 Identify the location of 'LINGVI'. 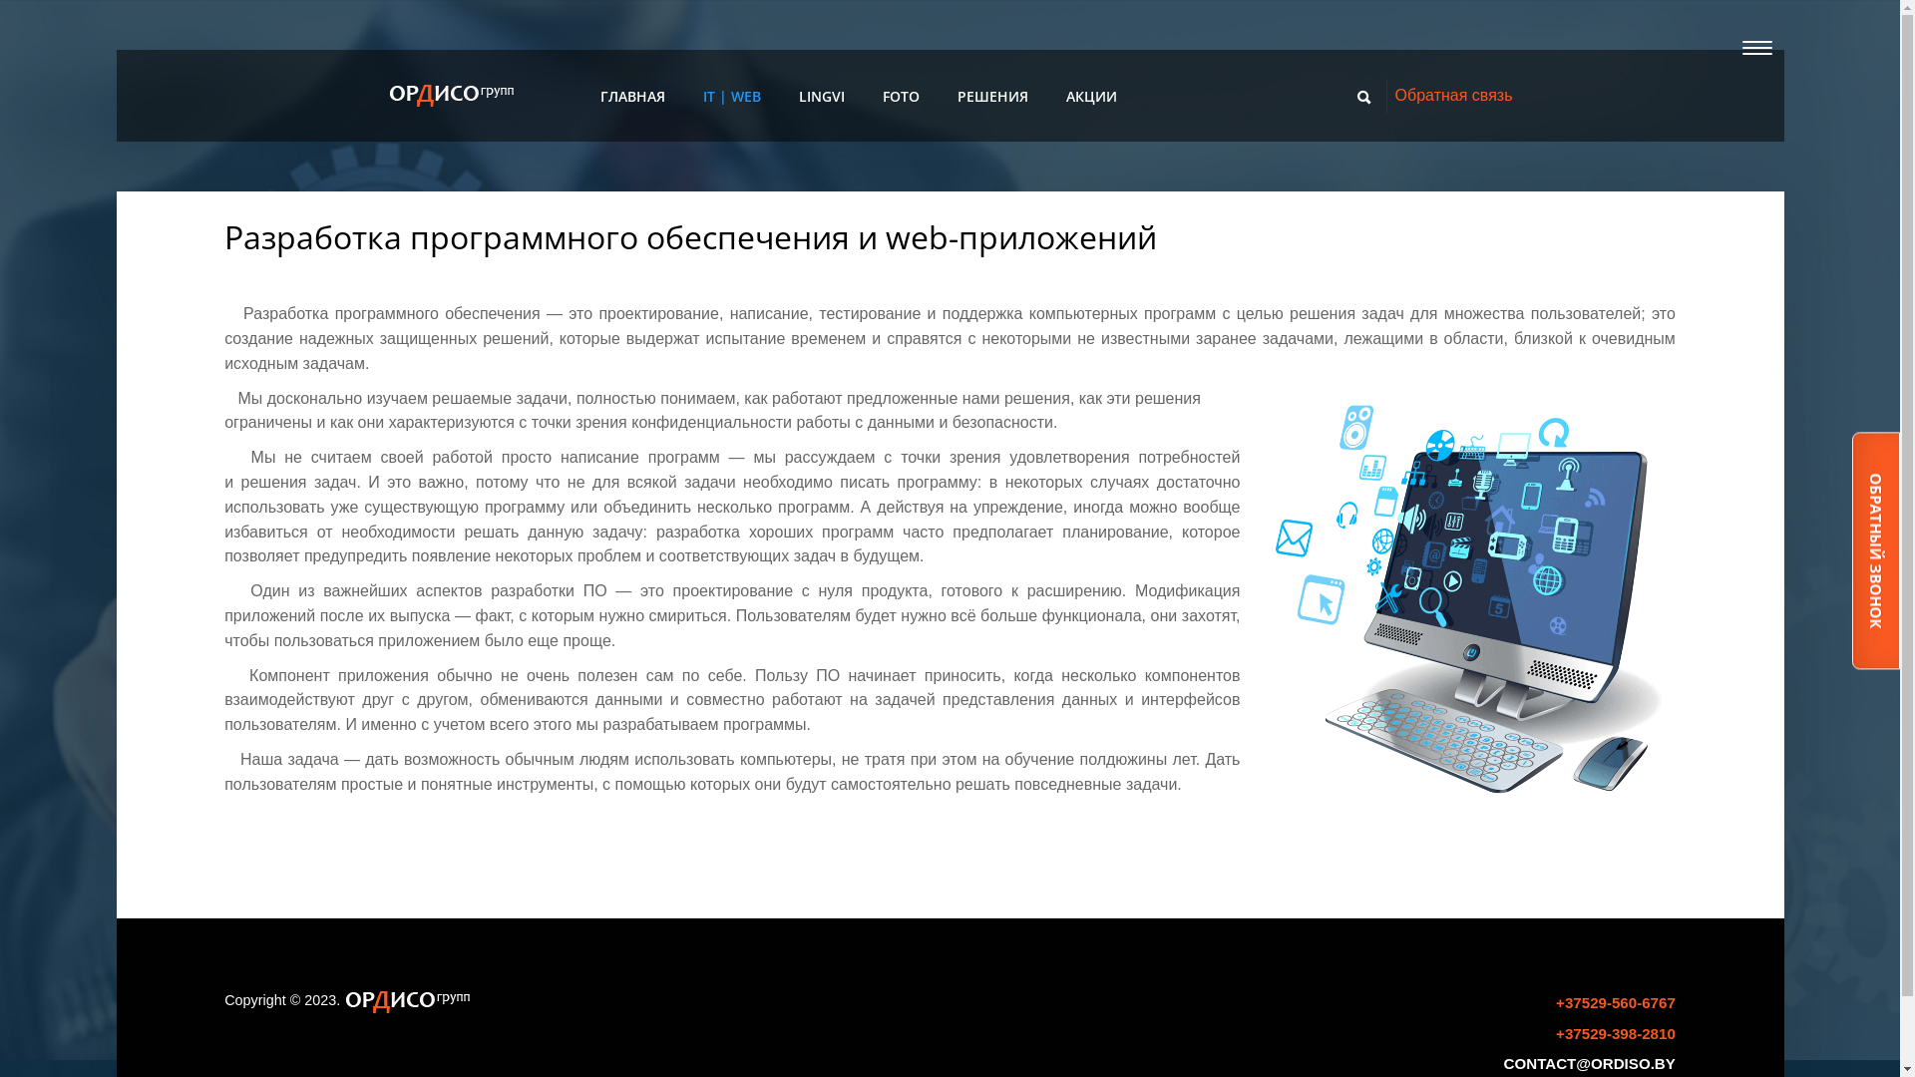
(799, 96).